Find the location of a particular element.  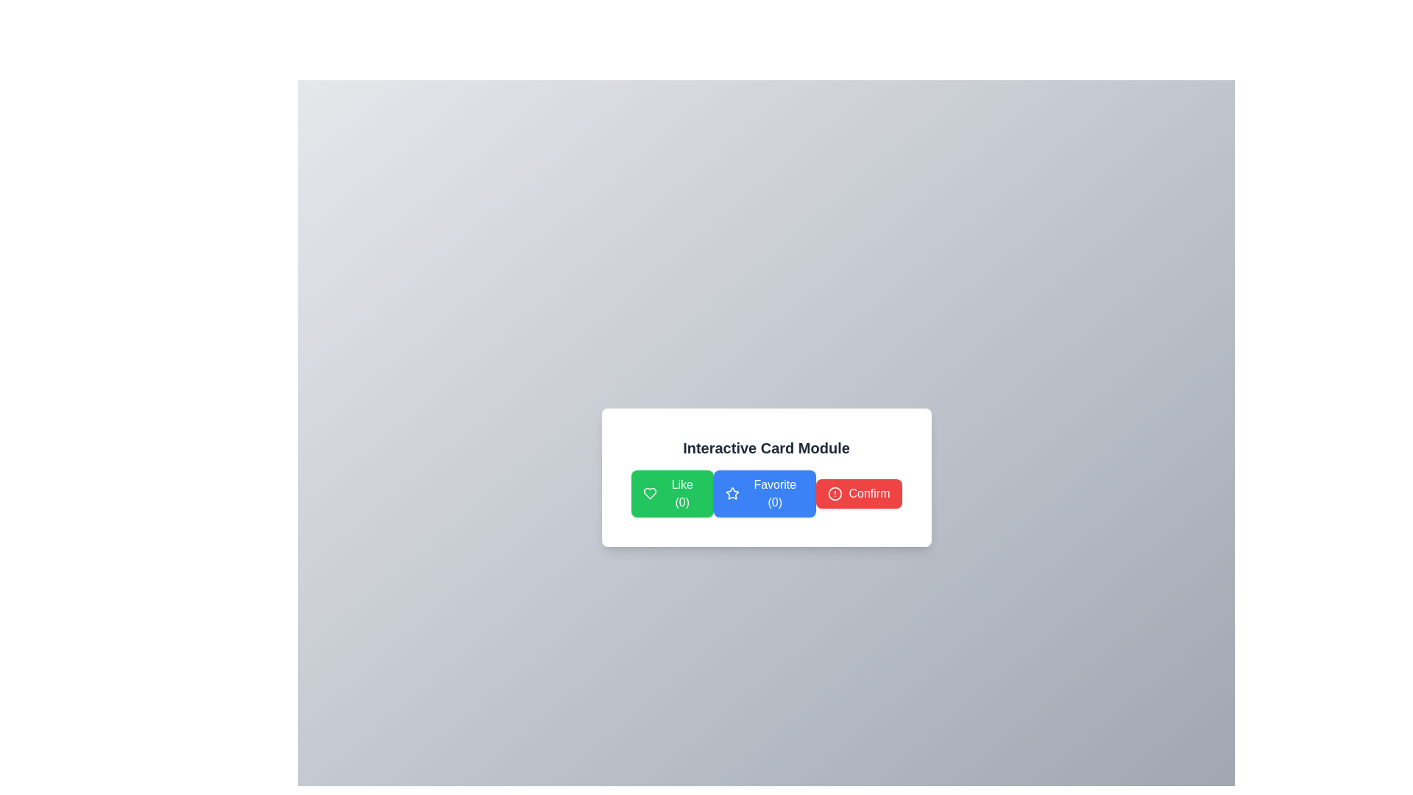

the 'Favorite' icon represented by a star within the blue button labeled 'Favorite (0)', located in the Interactive Card Module is located at coordinates (732, 493).